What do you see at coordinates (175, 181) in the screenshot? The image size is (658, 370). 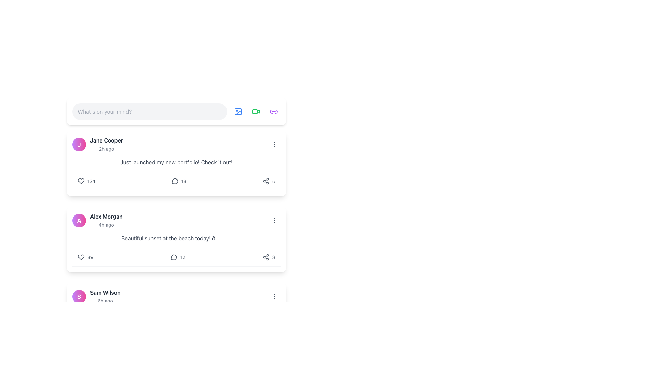 I see `the comment/message icon located at the bottom section of the post block, which is part of a row of functional icons` at bounding box center [175, 181].